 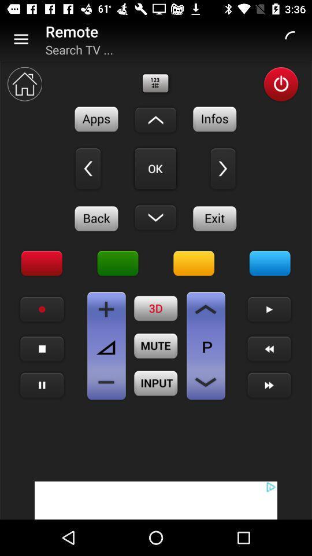 I want to click on ok or enter on remote, so click(x=155, y=168).